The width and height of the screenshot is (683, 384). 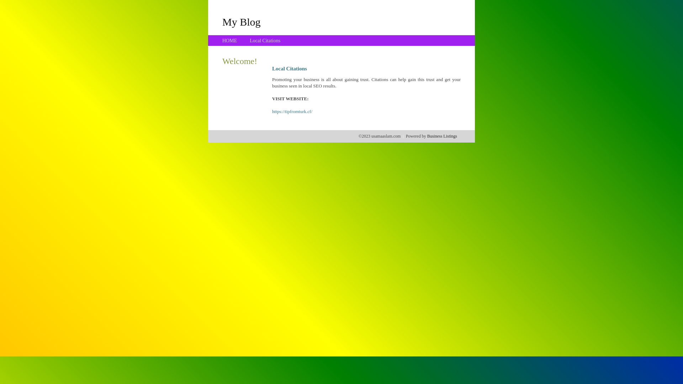 I want to click on 'Business Listings', so click(x=442, y=136).